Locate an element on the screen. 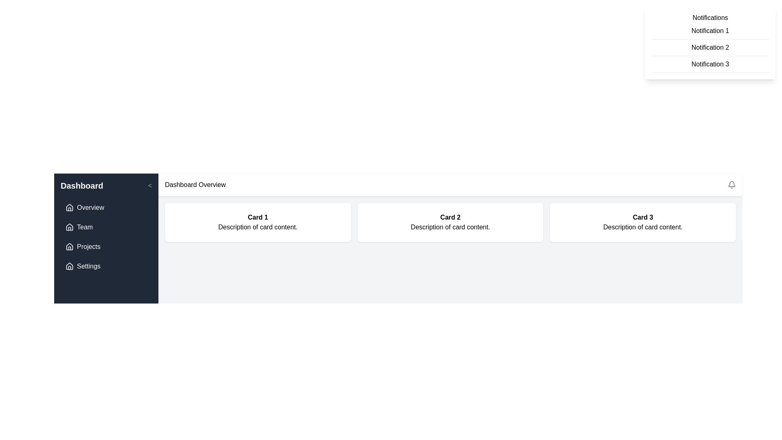  the text label displaying 'Description of card content' located beneath 'Card 3' in the card layout is located at coordinates (642, 227).